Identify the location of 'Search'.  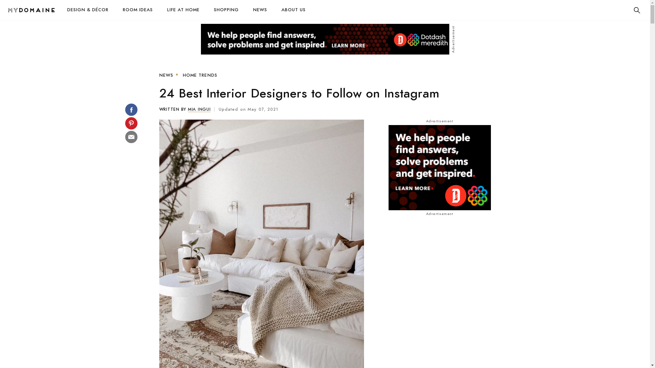
(631, 10).